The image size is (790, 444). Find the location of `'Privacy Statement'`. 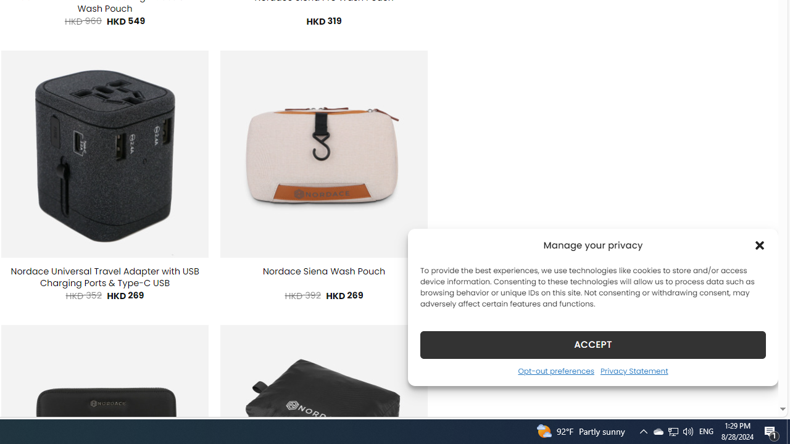

'Privacy Statement' is located at coordinates (634, 370).